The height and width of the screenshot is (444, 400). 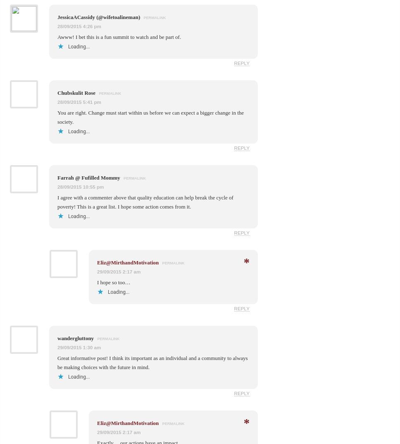 What do you see at coordinates (89, 177) in the screenshot?
I see `'Farrah @ Fufilled Mommy'` at bounding box center [89, 177].